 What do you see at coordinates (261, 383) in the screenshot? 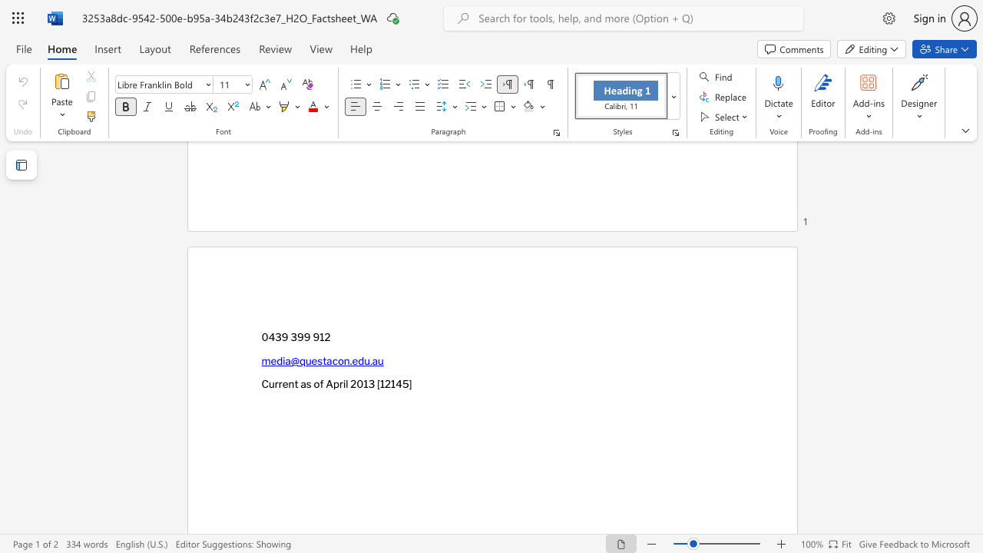
I see `the subset text "Current as of April 2013 [12145" within the text "Current as of April 2013 [12145]"` at bounding box center [261, 383].